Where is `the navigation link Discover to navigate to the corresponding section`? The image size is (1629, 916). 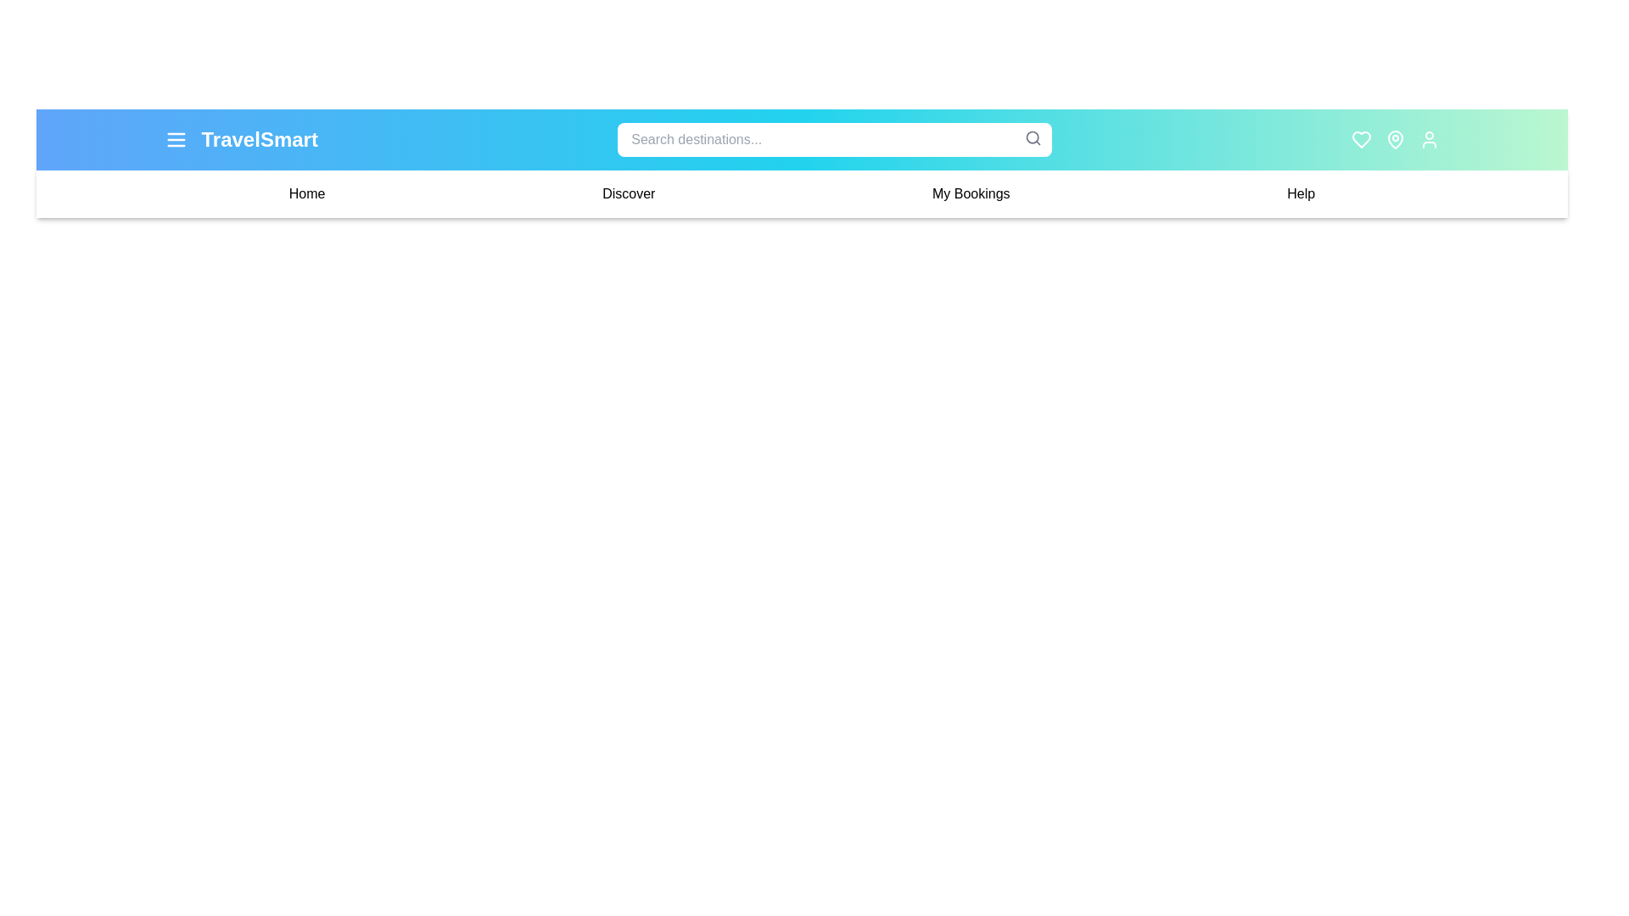
the navigation link Discover to navigate to the corresponding section is located at coordinates (628, 193).